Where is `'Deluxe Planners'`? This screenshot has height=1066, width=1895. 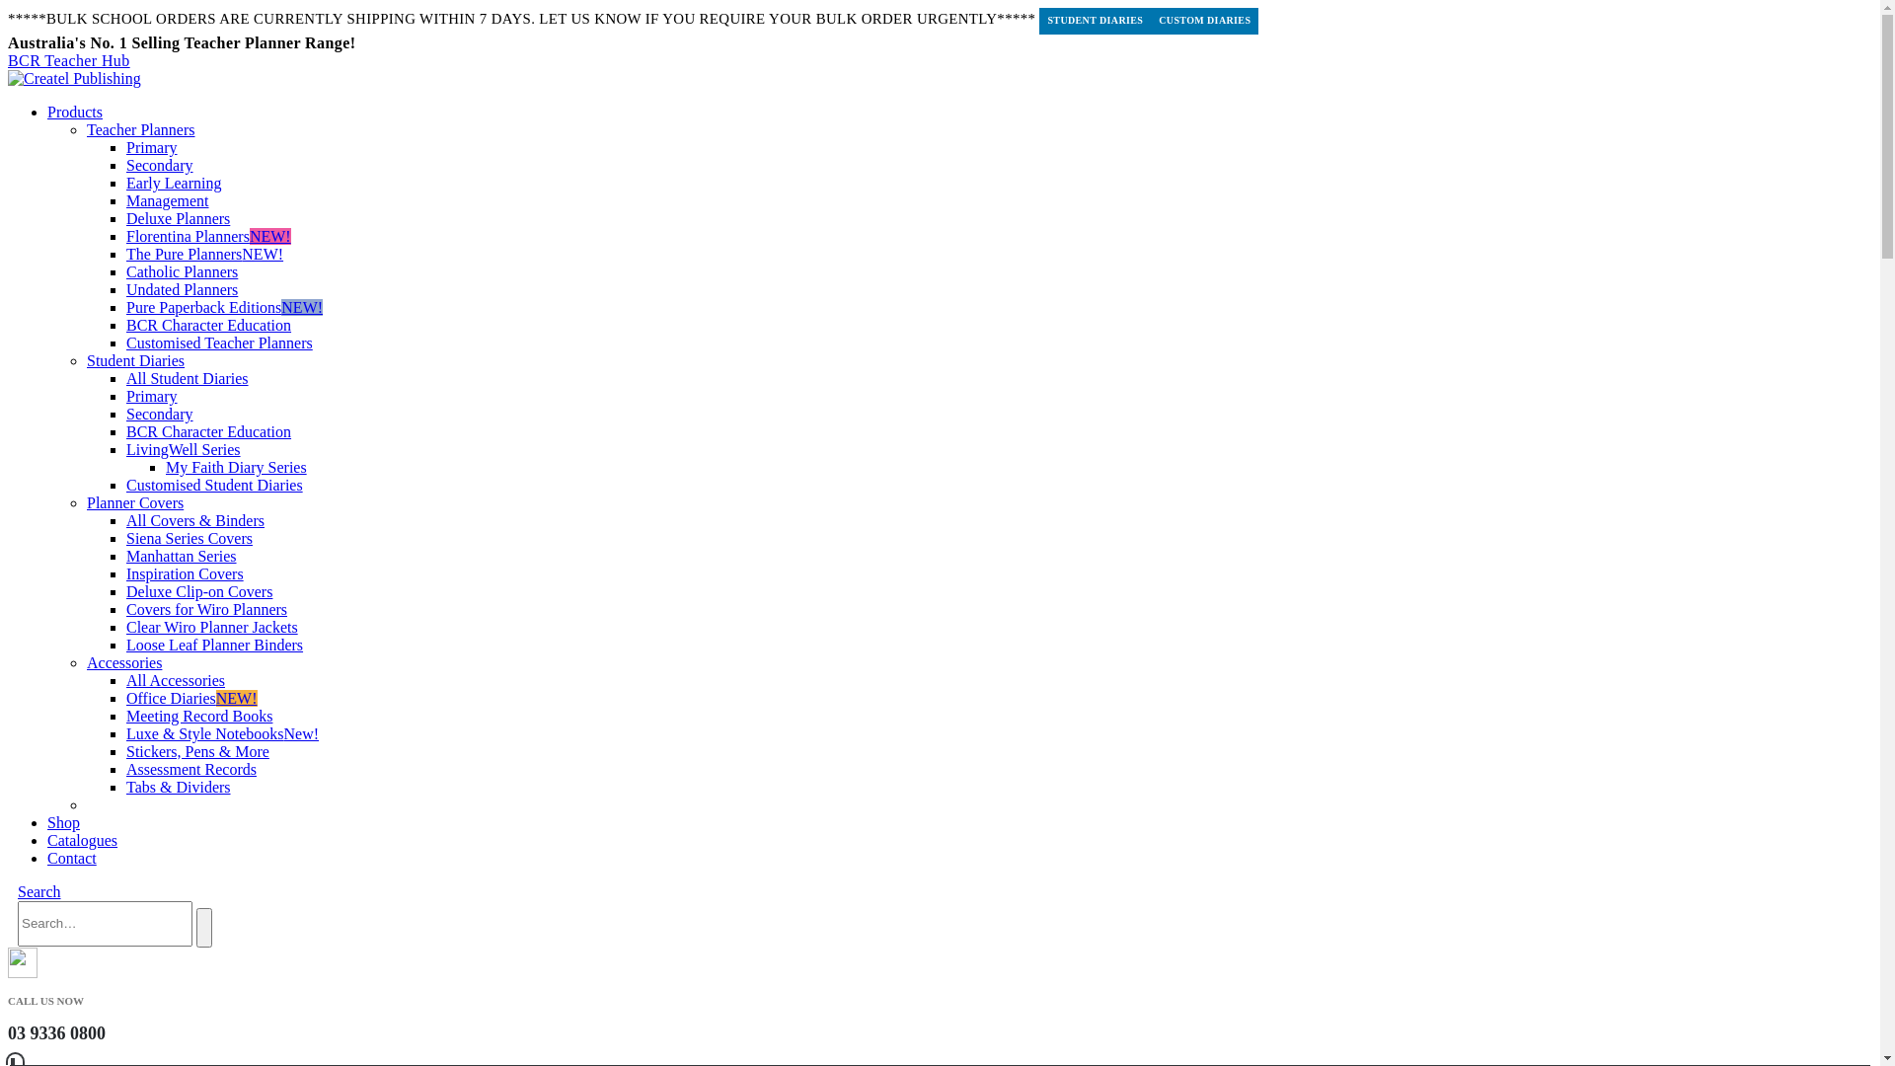
'Deluxe Planners' is located at coordinates (125, 218).